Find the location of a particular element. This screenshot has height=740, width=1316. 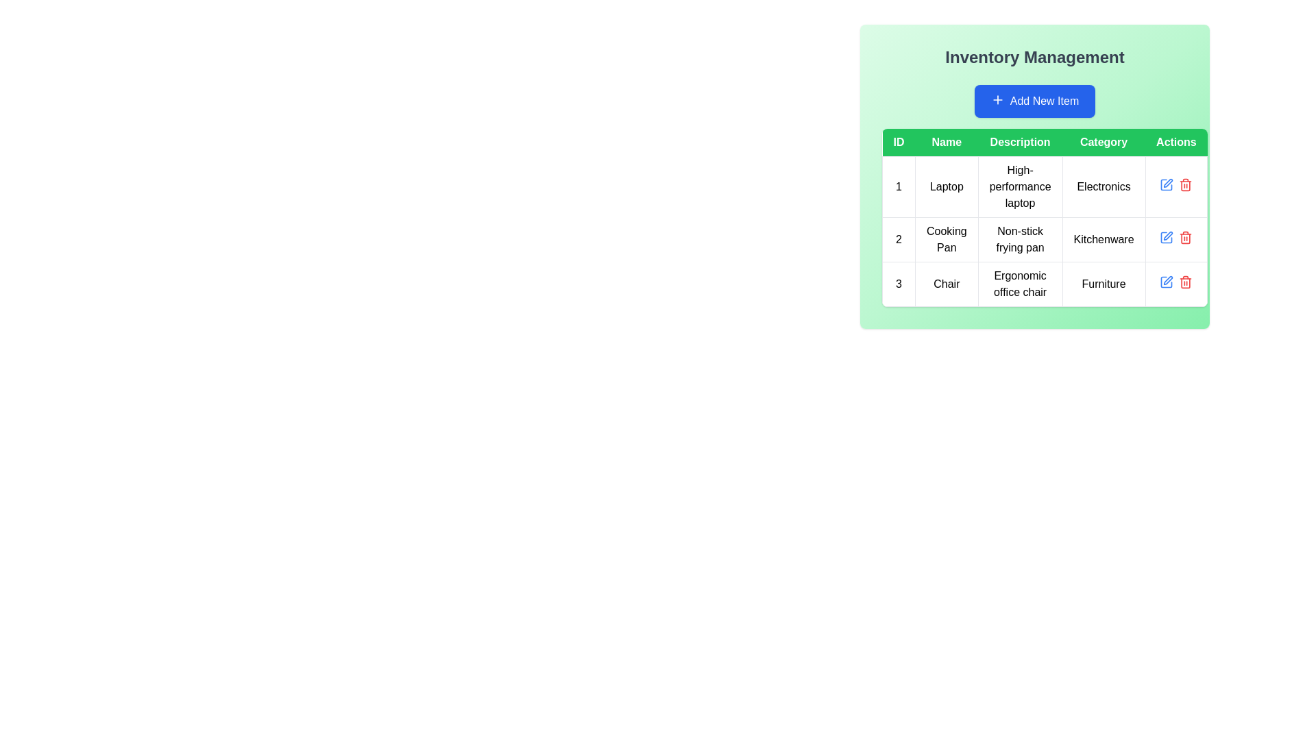

label of the 'Category' header cell in the Inventory Management table, which is the fourth column header following 'ID', 'Name', and 'Description' is located at coordinates (1104, 143).